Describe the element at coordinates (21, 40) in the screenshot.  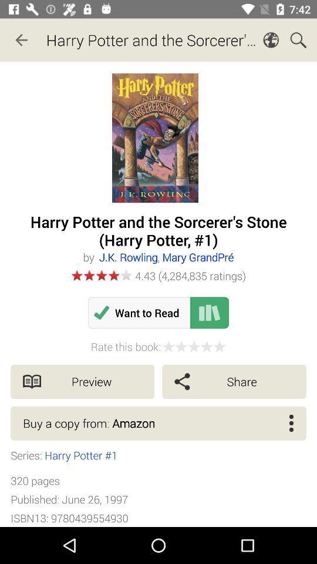
I see `item next to the harry potter and app` at that location.